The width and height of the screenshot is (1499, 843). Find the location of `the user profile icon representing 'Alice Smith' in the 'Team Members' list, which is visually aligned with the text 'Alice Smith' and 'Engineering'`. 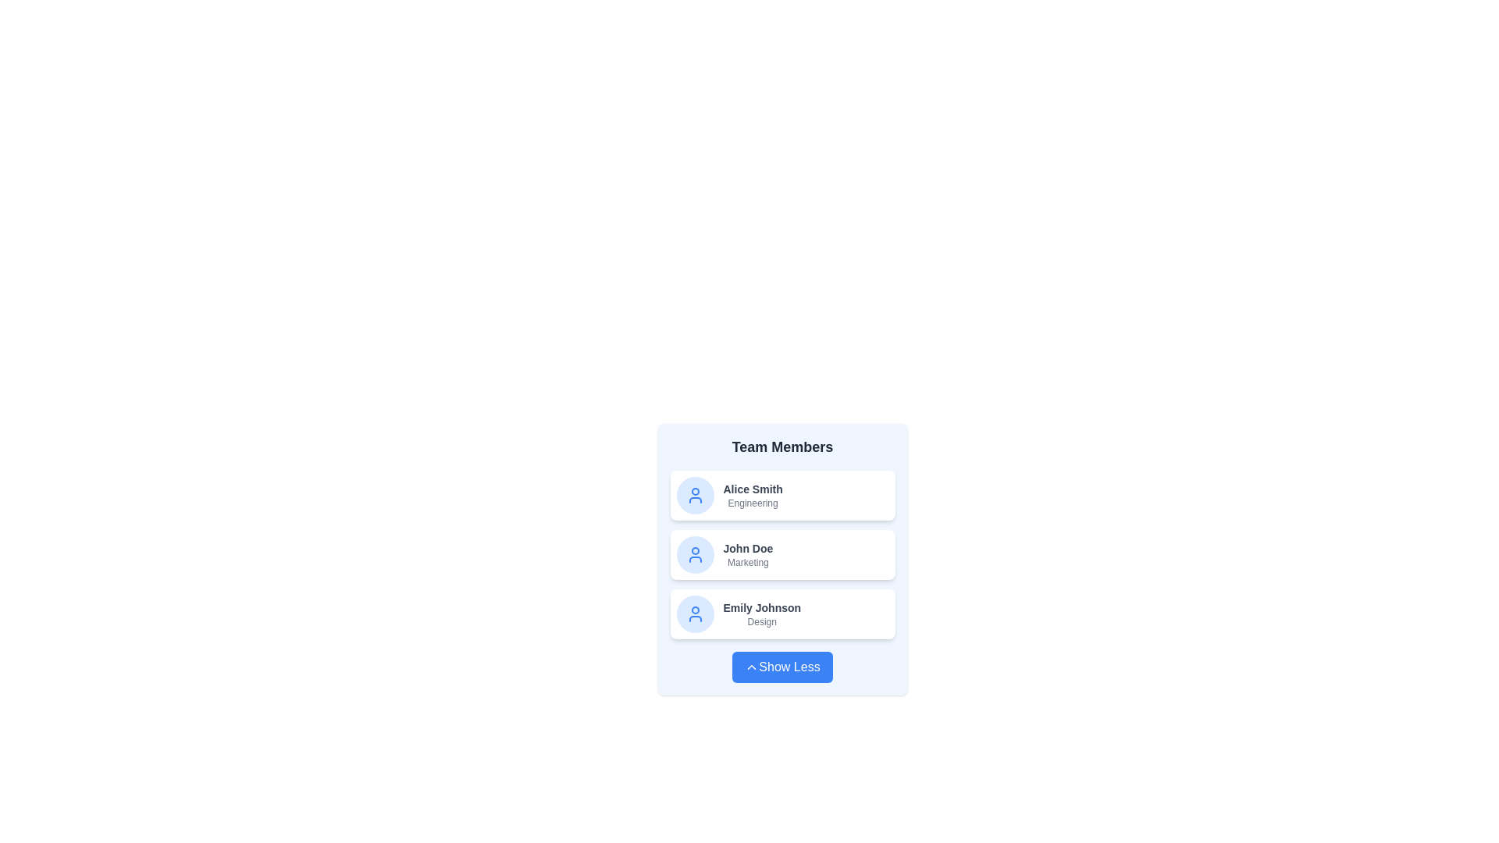

the user profile icon representing 'Alice Smith' in the 'Team Members' list, which is visually aligned with the text 'Alice Smith' and 'Engineering' is located at coordinates (694, 496).